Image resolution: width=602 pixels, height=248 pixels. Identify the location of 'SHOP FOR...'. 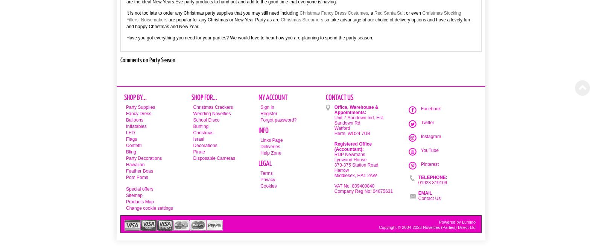
(203, 98).